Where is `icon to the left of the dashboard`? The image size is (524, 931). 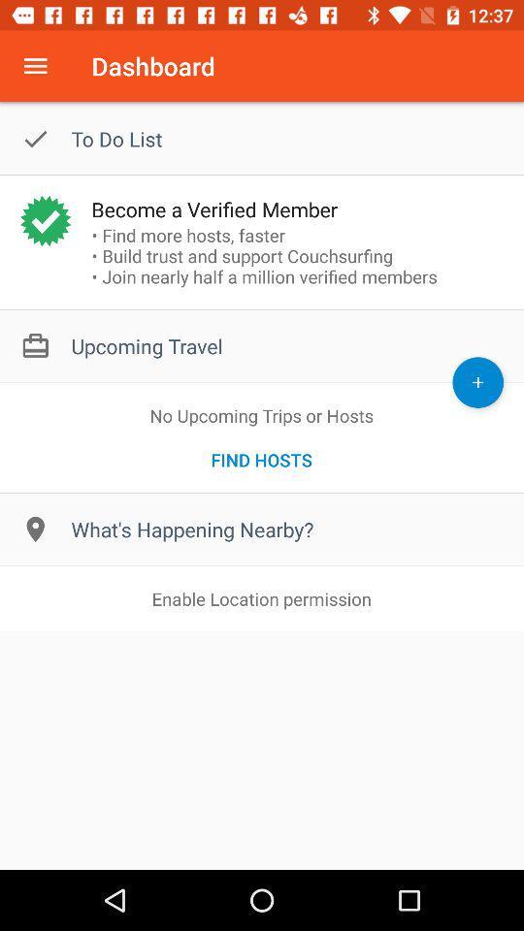
icon to the left of the dashboard is located at coordinates (35, 66).